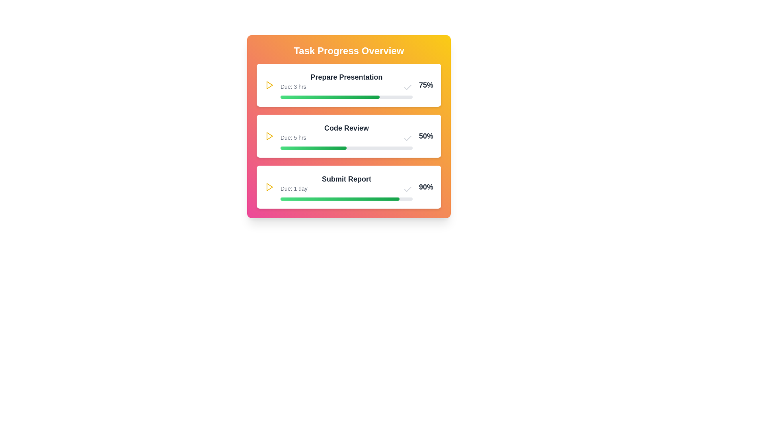  Describe the element at coordinates (269, 85) in the screenshot. I see `the triangular yellow play icon located to the left of the 'Prepare Presentation' text in the top left corner of the first card to initiate the task` at that location.